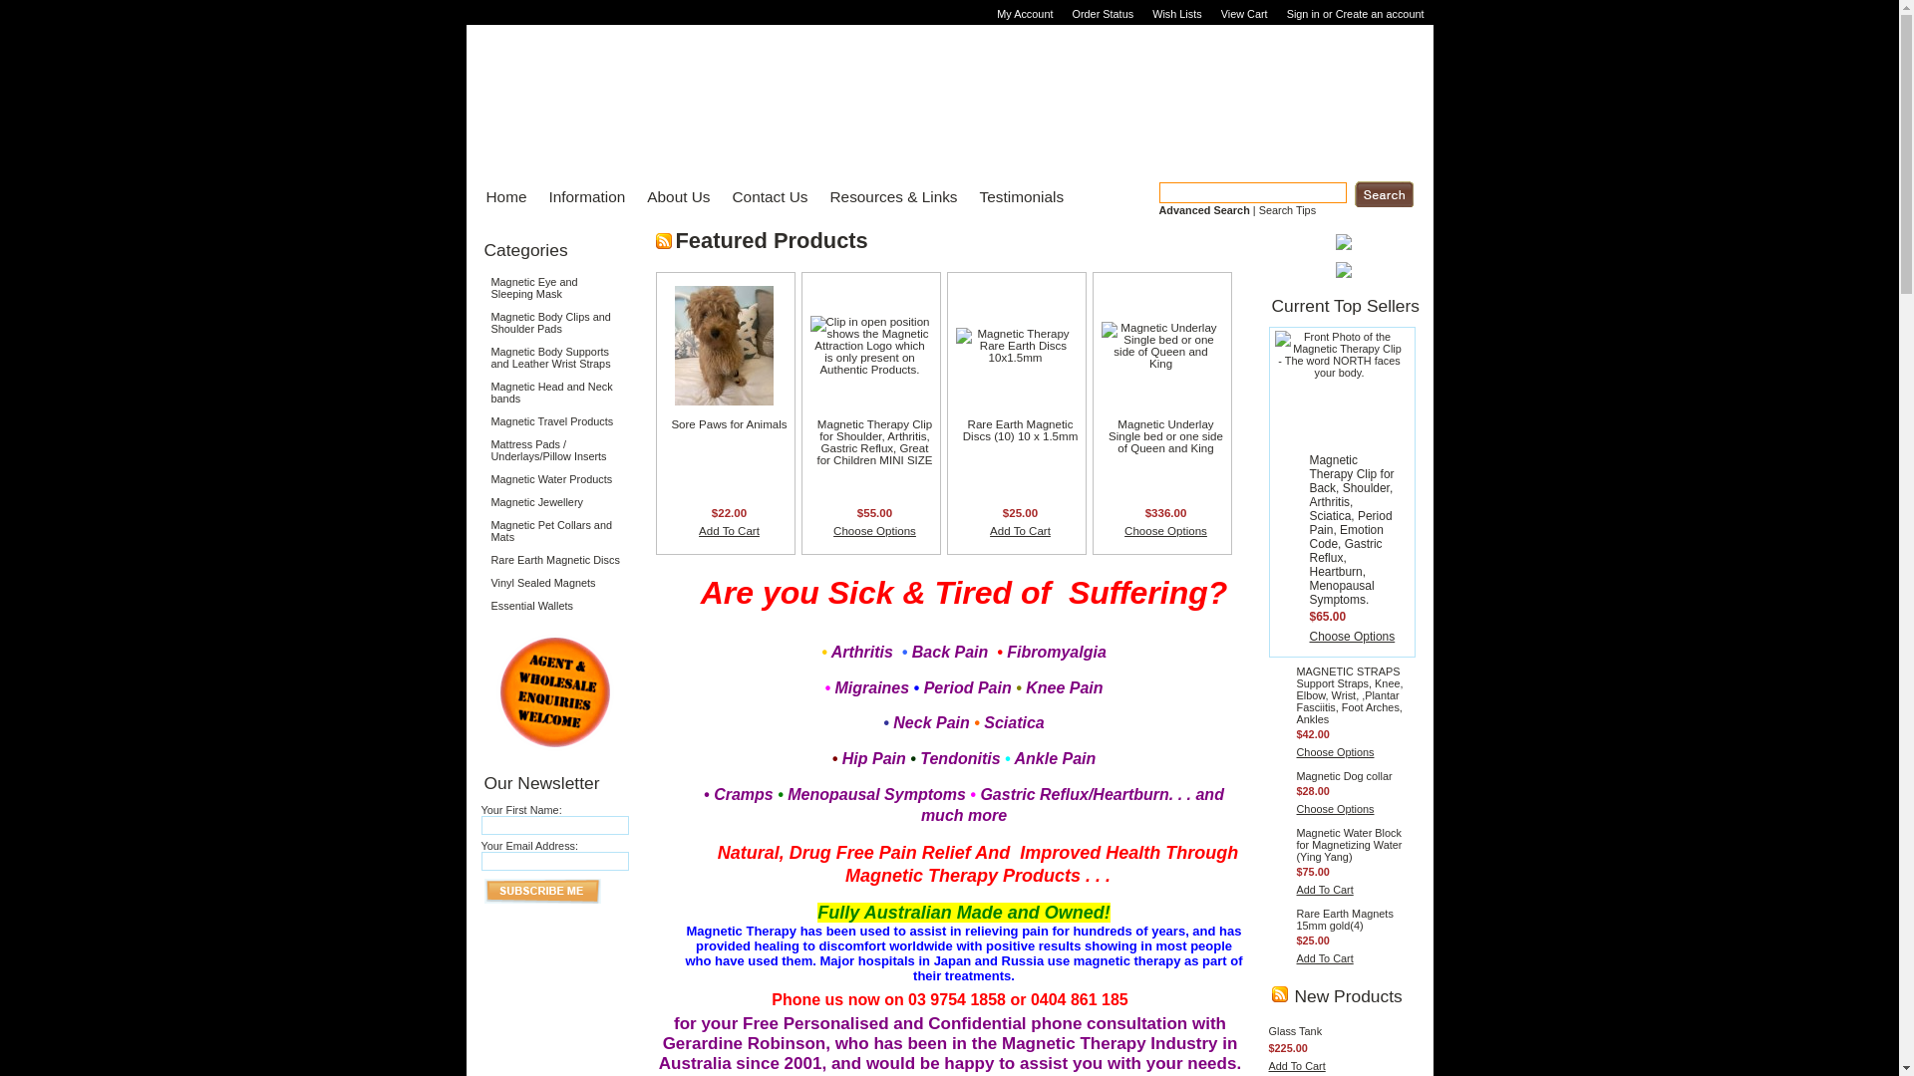 The width and height of the screenshot is (1914, 1076). I want to click on 'Search Tips', so click(1287, 210).